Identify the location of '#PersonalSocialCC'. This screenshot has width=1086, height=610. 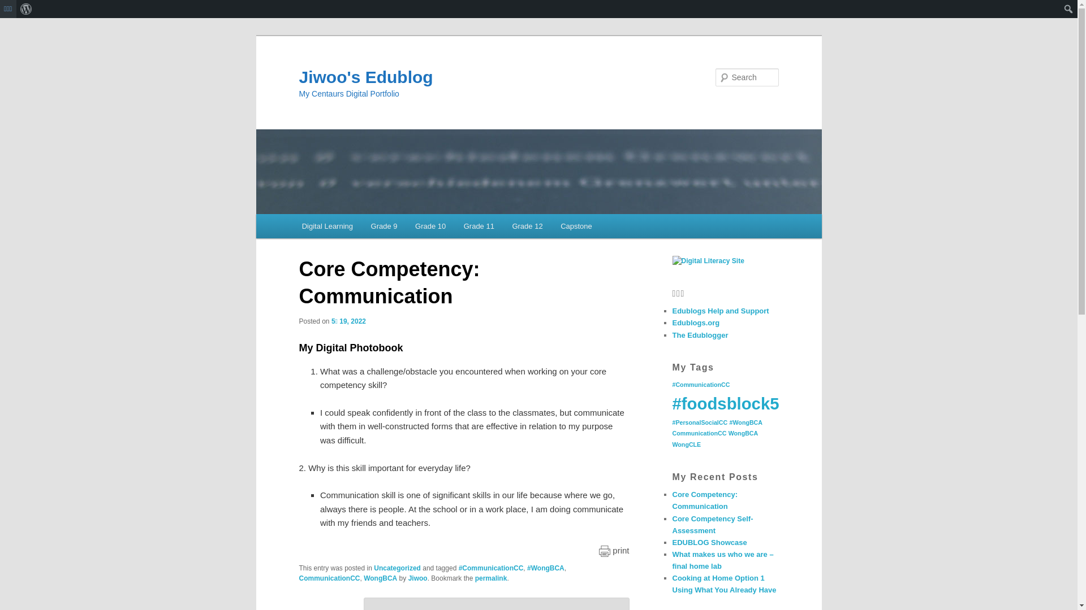
(699, 422).